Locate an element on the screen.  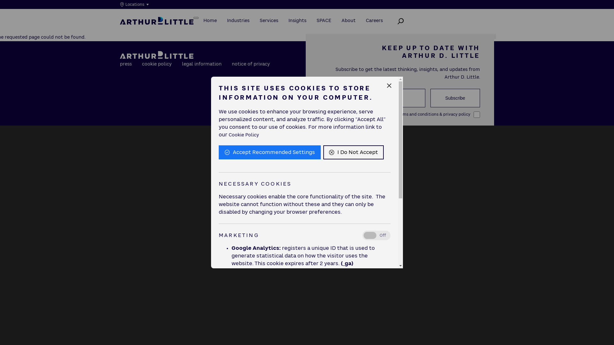
'Accept Recommended Settings' is located at coordinates (270, 152).